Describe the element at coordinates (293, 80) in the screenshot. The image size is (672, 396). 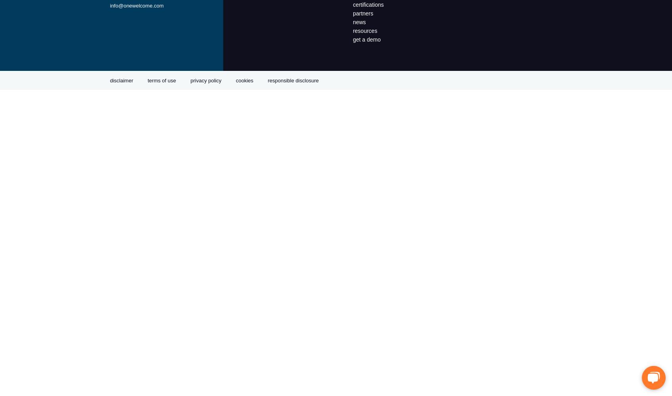
I see `'responsible disclosure'` at that location.